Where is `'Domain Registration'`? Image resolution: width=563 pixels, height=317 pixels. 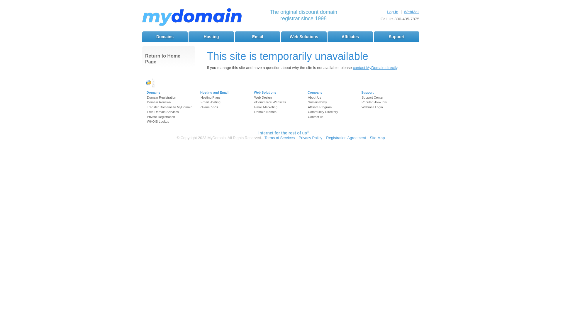
'Domain Registration' is located at coordinates (162, 97).